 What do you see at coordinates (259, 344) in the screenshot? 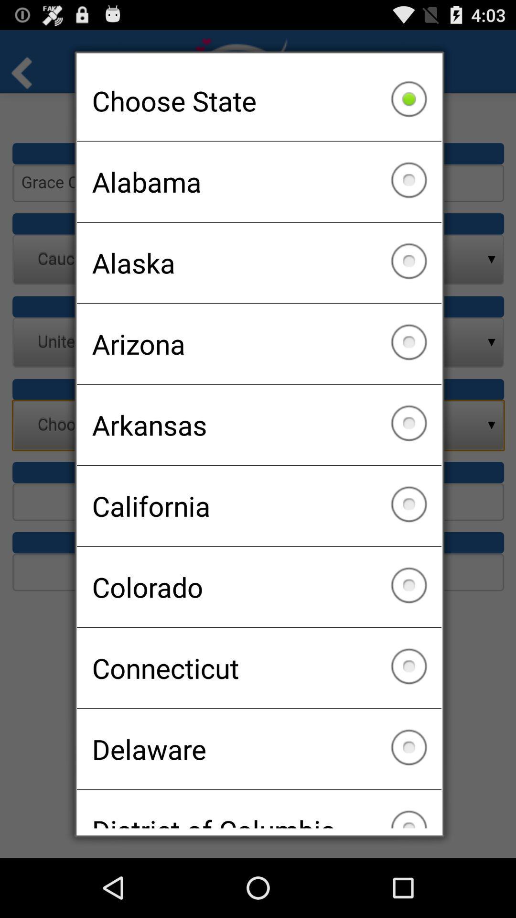
I see `the item above arkansas checkbox` at bounding box center [259, 344].